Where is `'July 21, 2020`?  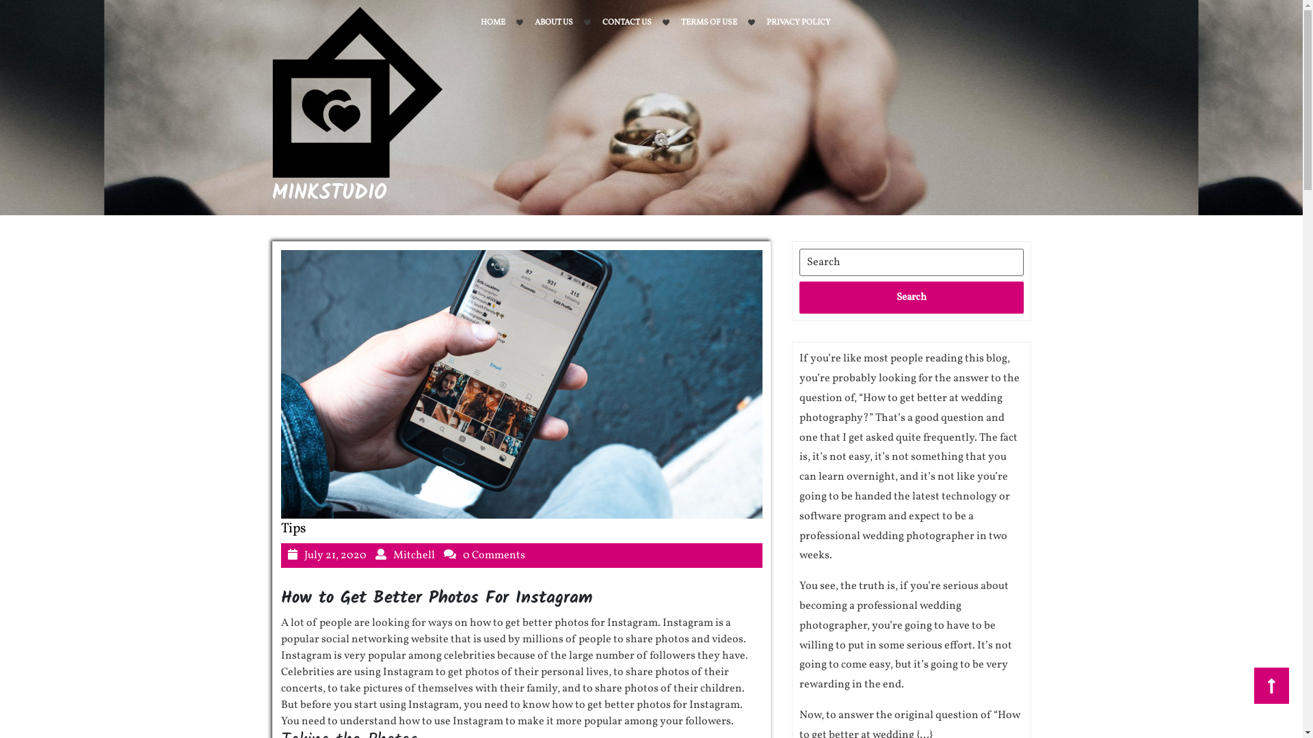 'July 21, 2020 is located at coordinates (334, 556).